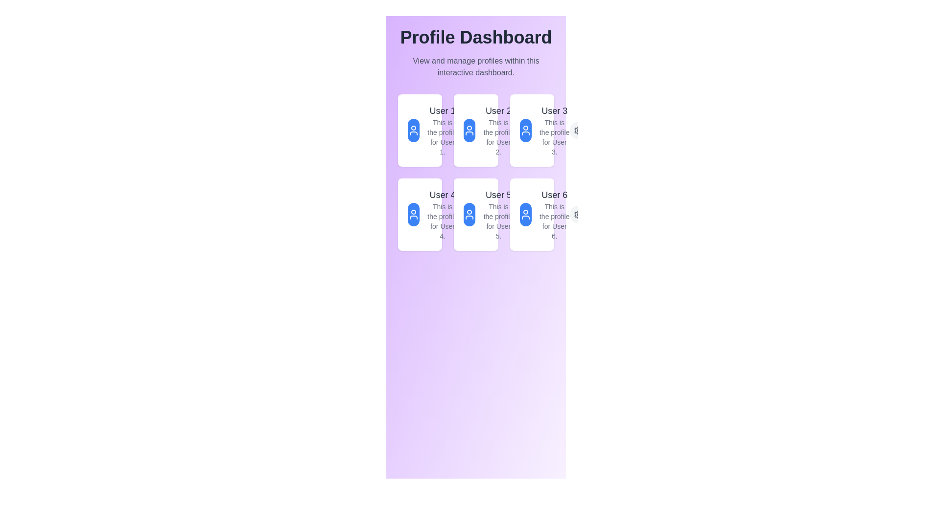 The image size is (940, 528). I want to click on the Avatar Icon representing User 4, which is located on the left side of the profile card and is vertically centered within the card, so click(420, 214).